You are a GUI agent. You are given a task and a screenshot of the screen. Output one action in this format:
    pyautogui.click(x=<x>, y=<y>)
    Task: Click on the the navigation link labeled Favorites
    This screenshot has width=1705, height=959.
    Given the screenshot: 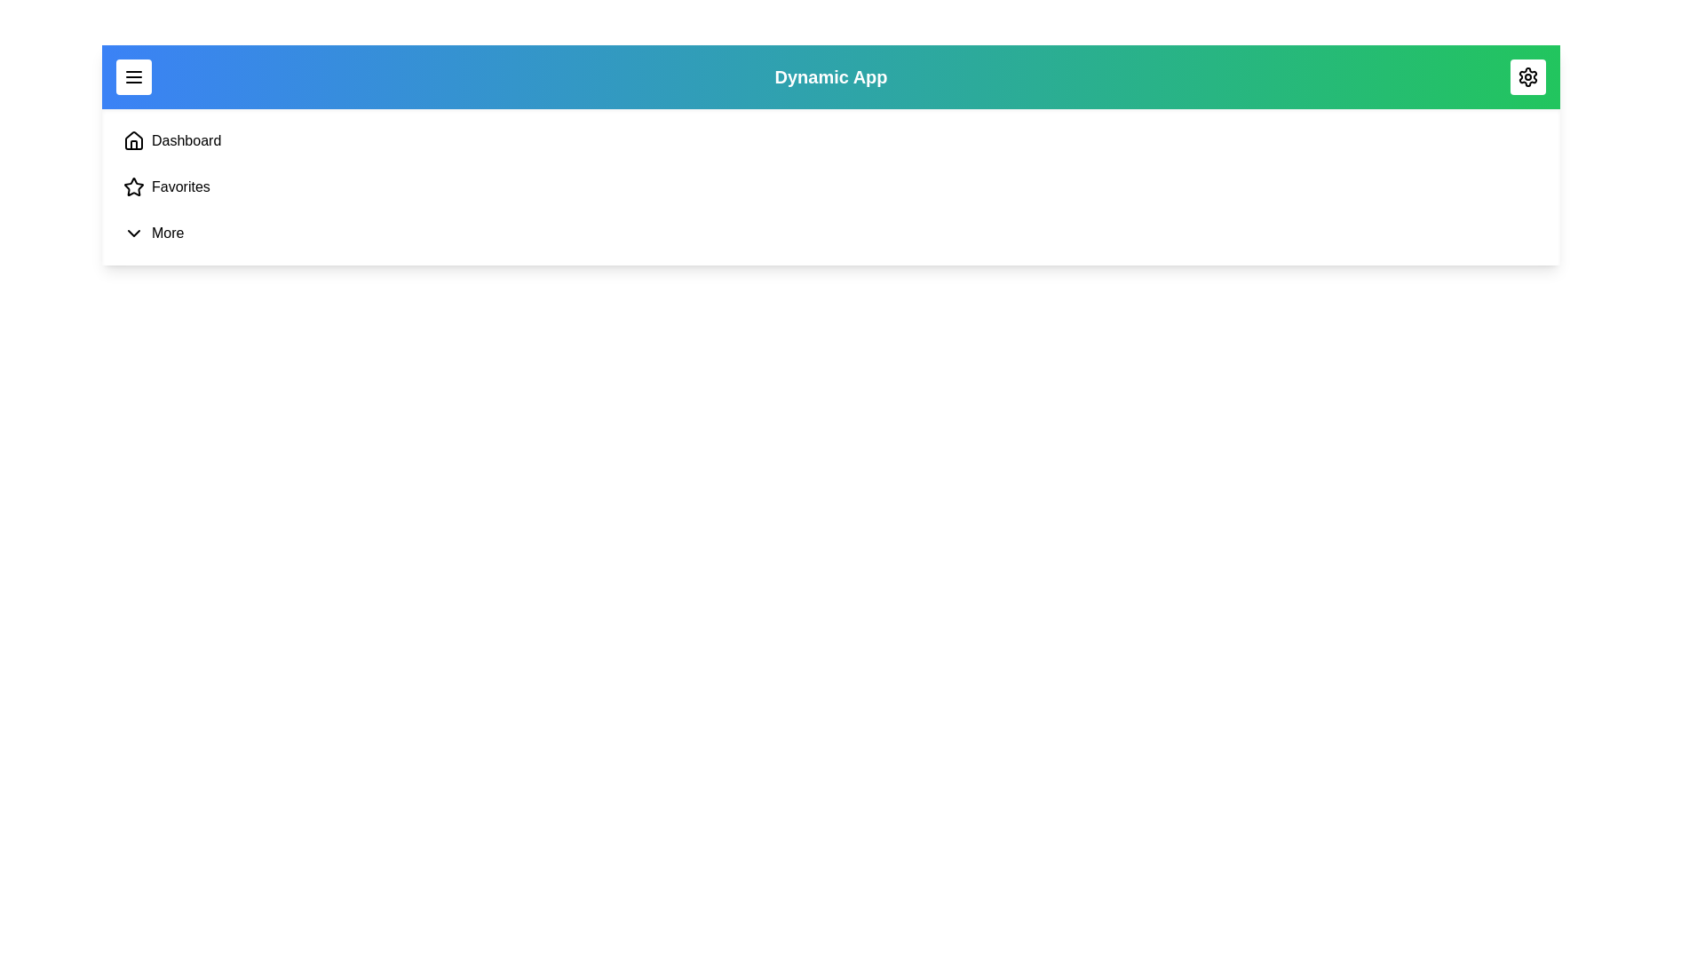 What is the action you would take?
    pyautogui.click(x=179, y=187)
    